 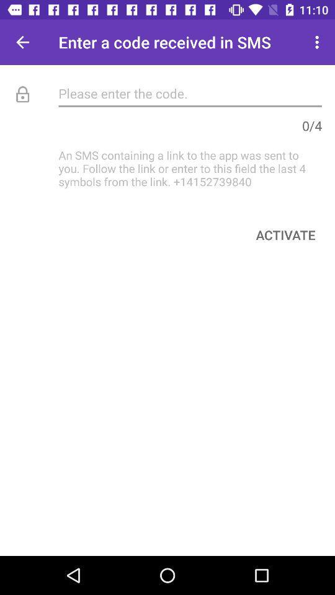 I want to click on go back, so click(x=22, y=42).